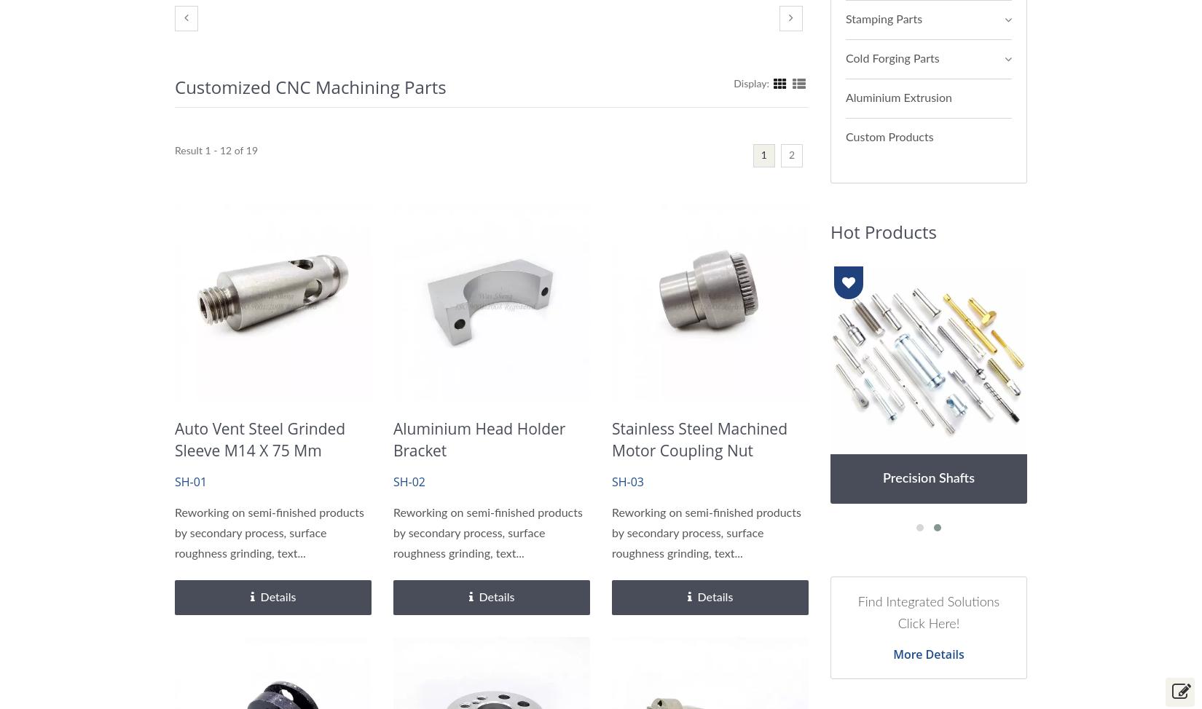 This screenshot has height=709, width=1202. Describe the element at coordinates (611, 482) in the screenshot. I see `'SH-03'` at that location.